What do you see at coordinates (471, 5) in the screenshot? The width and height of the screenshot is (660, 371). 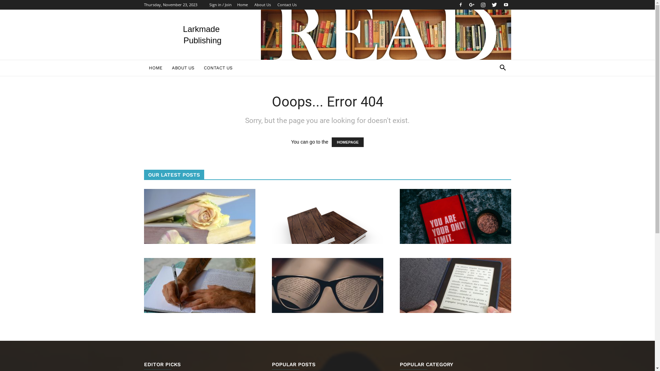 I see `'Google+'` at bounding box center [471, 5].